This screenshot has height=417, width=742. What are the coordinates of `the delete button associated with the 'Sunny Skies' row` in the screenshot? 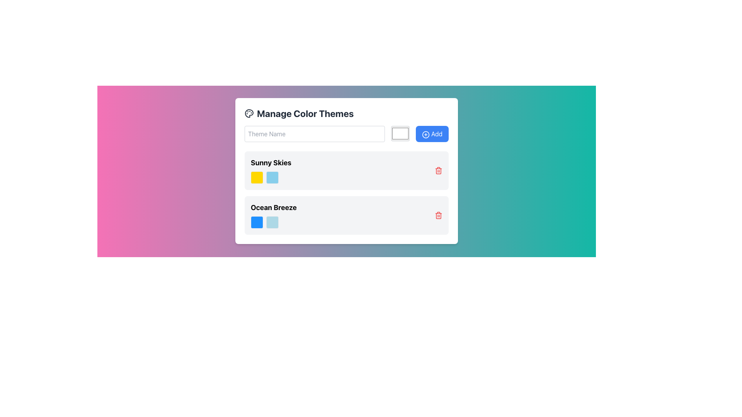 It's located at (438, 170).